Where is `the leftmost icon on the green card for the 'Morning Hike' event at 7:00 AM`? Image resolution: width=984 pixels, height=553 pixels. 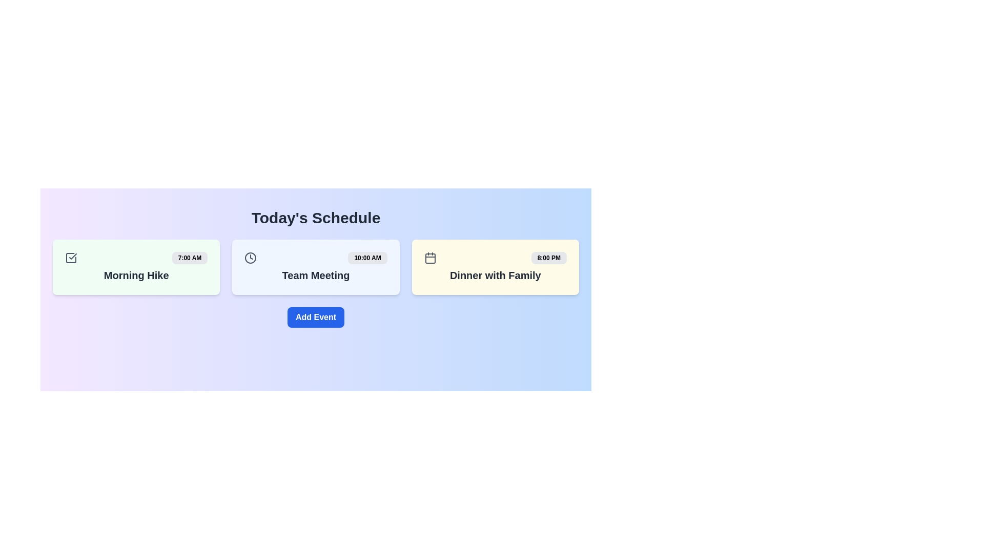
the leftmost icon on the green card for the 'Morning Hike' event at 7:00 AM is located at coordinates (71, 258).